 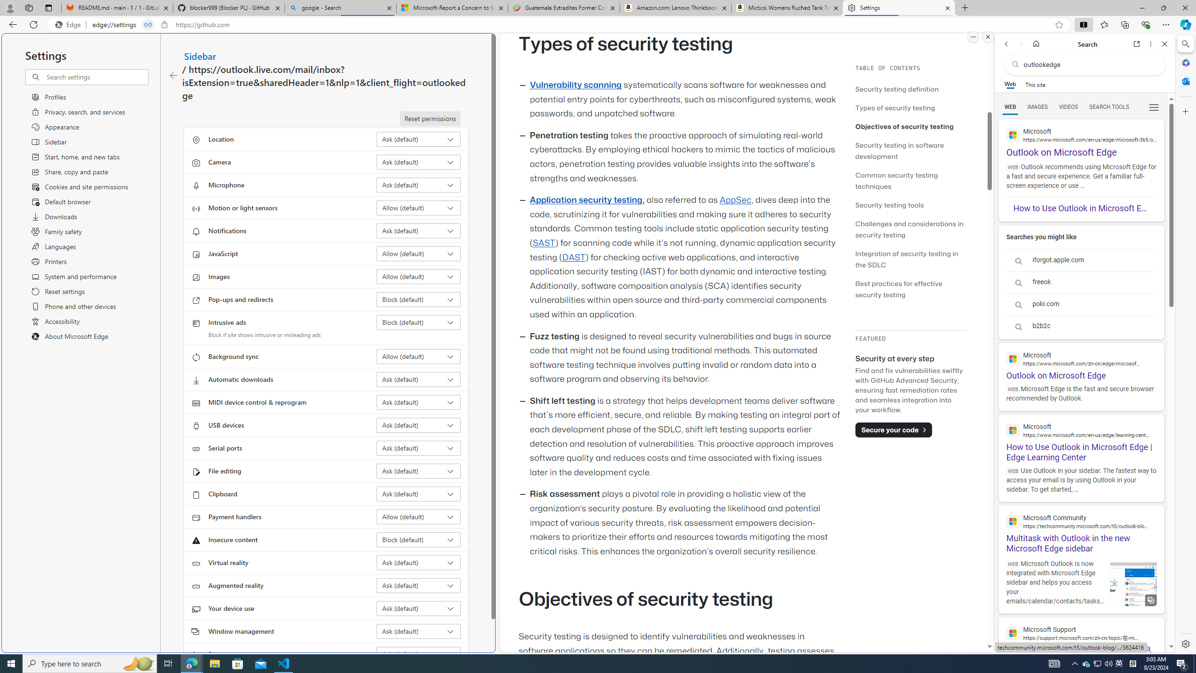 What do you see at coordinates (573, 257) in the screenshot?
I see `'DAST'` at bounding box center [573, 257].